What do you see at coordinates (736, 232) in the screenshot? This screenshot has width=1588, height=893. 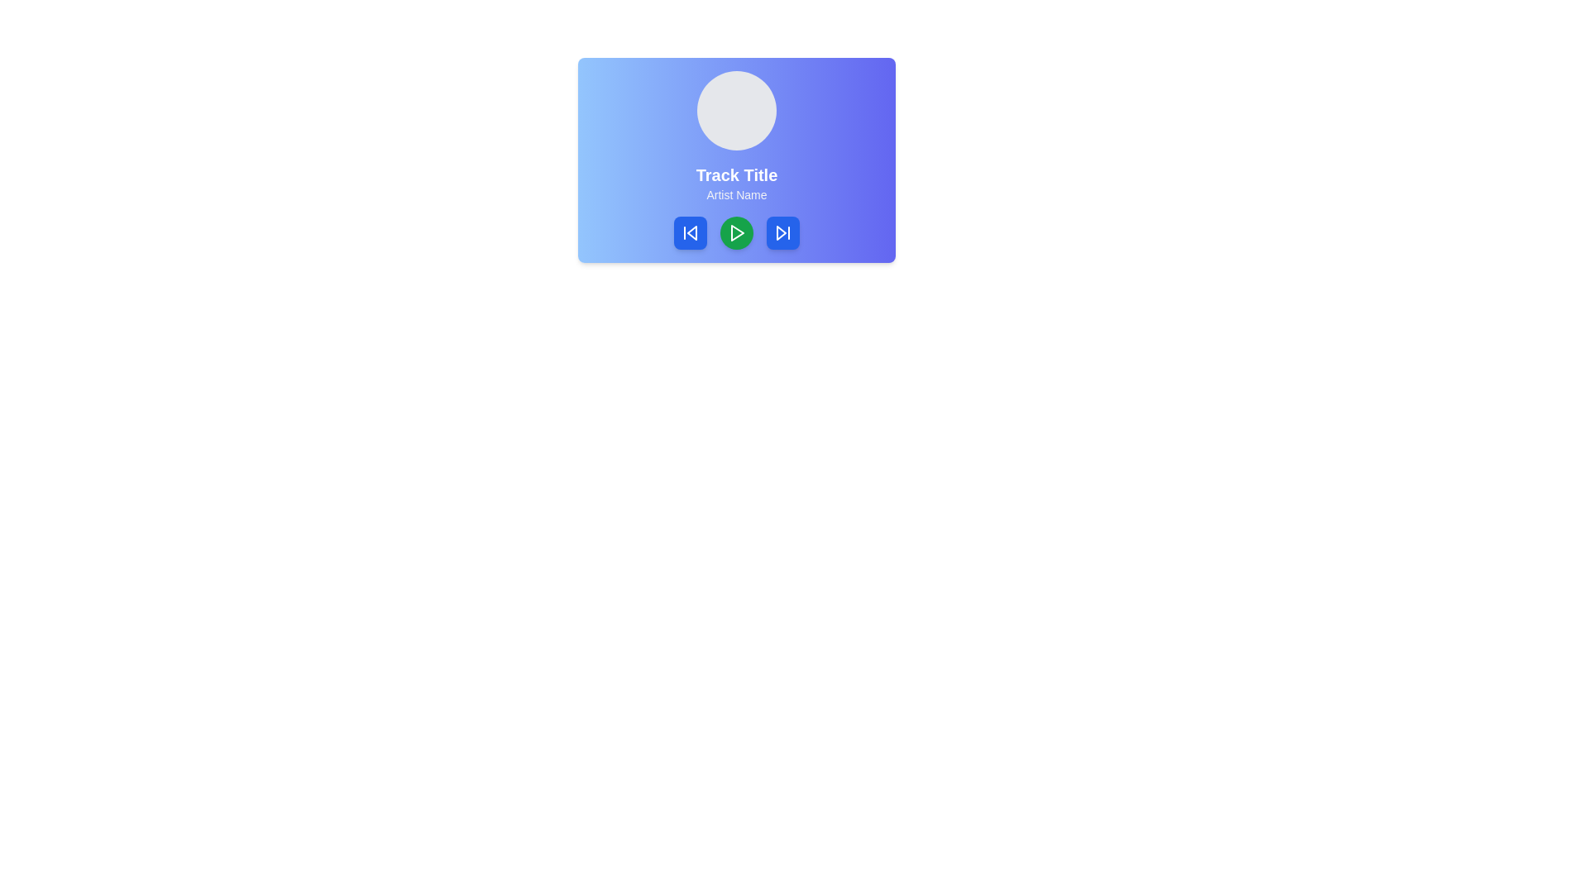 I see `the play button` at bounding box center [736, 232].